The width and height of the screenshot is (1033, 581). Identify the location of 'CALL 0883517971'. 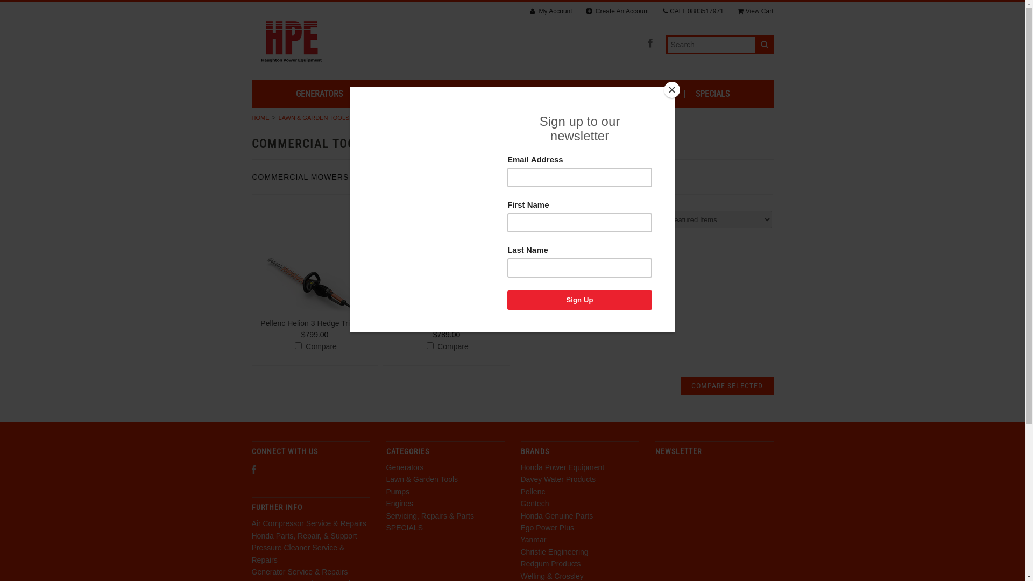
(693, 11).